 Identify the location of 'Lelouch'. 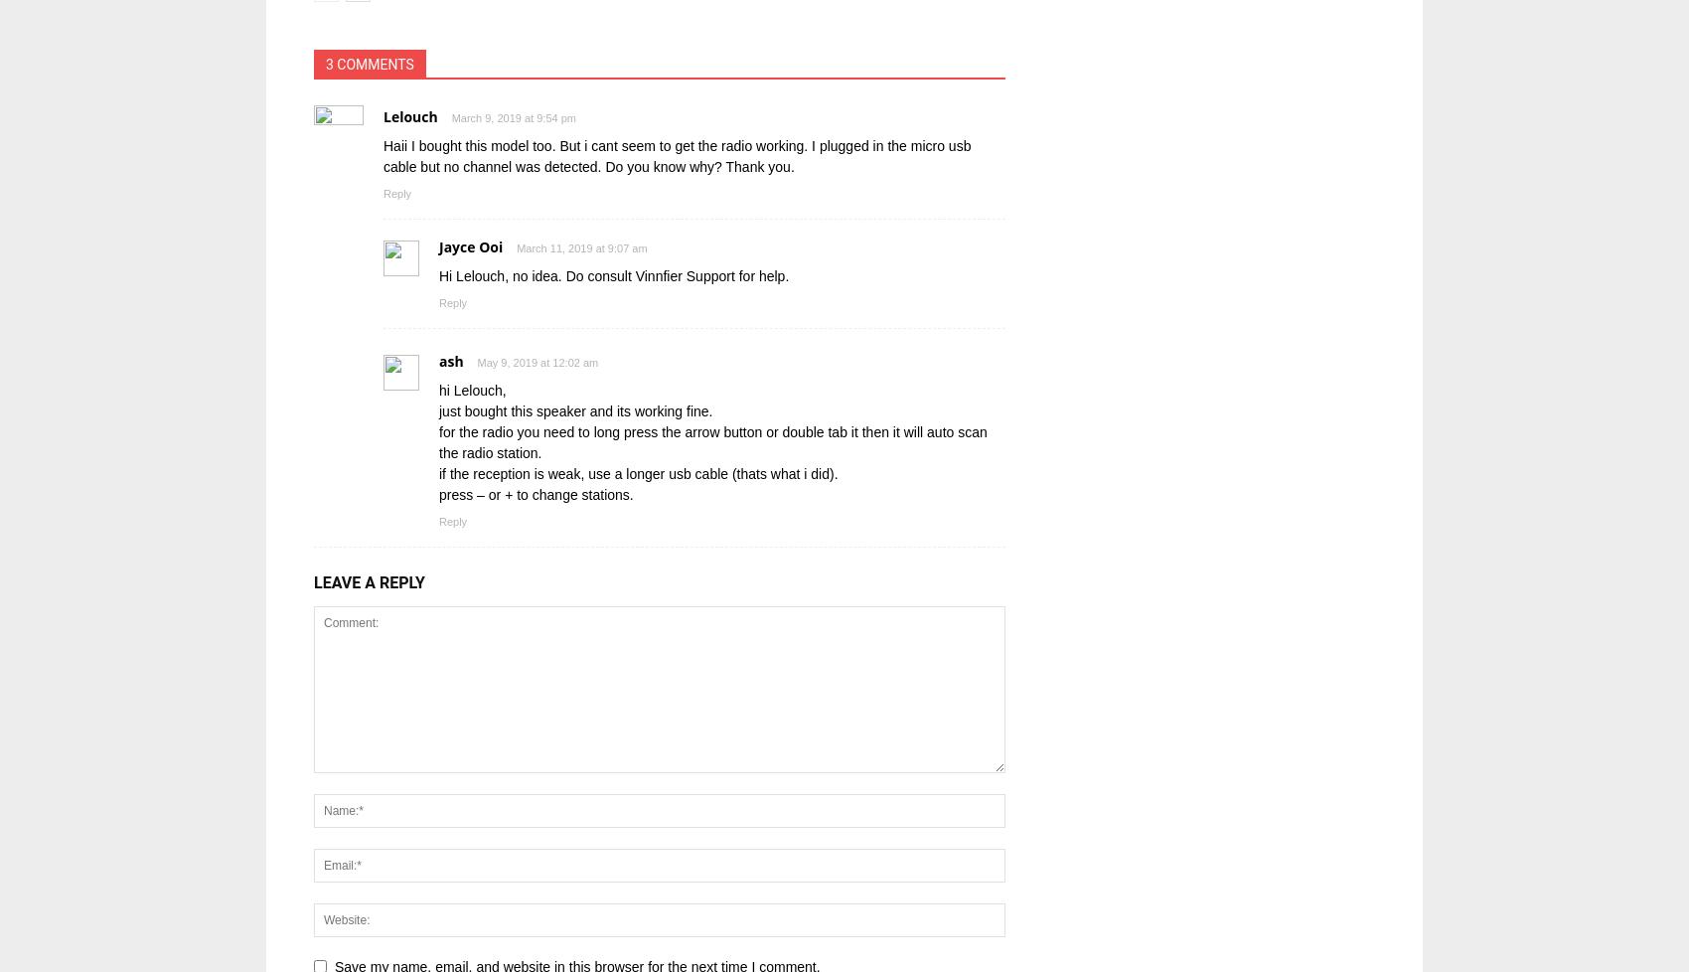
(408, 116).